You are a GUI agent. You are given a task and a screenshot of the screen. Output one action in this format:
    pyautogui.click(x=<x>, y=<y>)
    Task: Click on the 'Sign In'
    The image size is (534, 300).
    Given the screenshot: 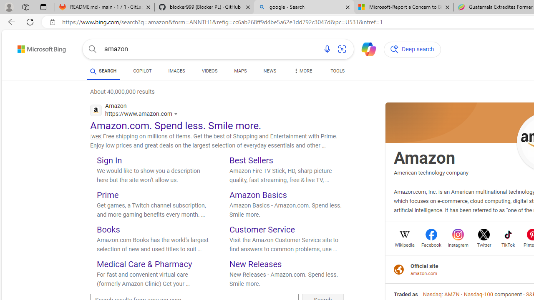 What is the action you would take?
    pyautogui.click(x=109, y=160)
    